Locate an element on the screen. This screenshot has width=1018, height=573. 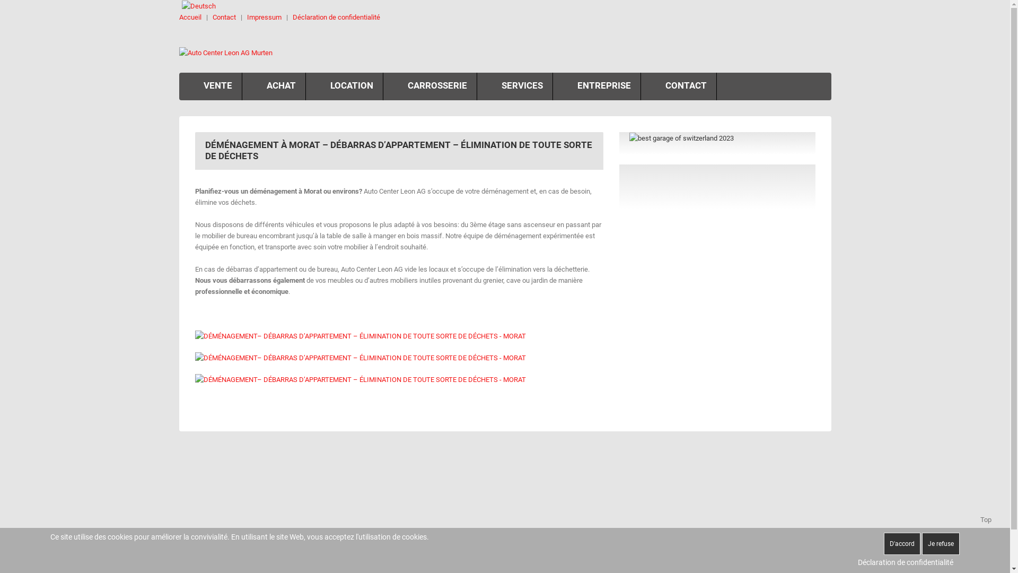
'CONTACT' is located at coordinates (677, 85).